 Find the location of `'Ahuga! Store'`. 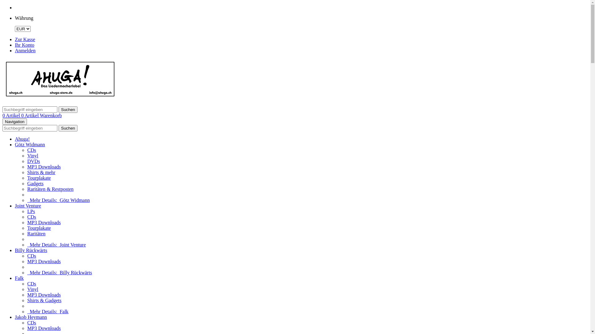

'Ahuga! Store' is located at coordinates (60, 98).